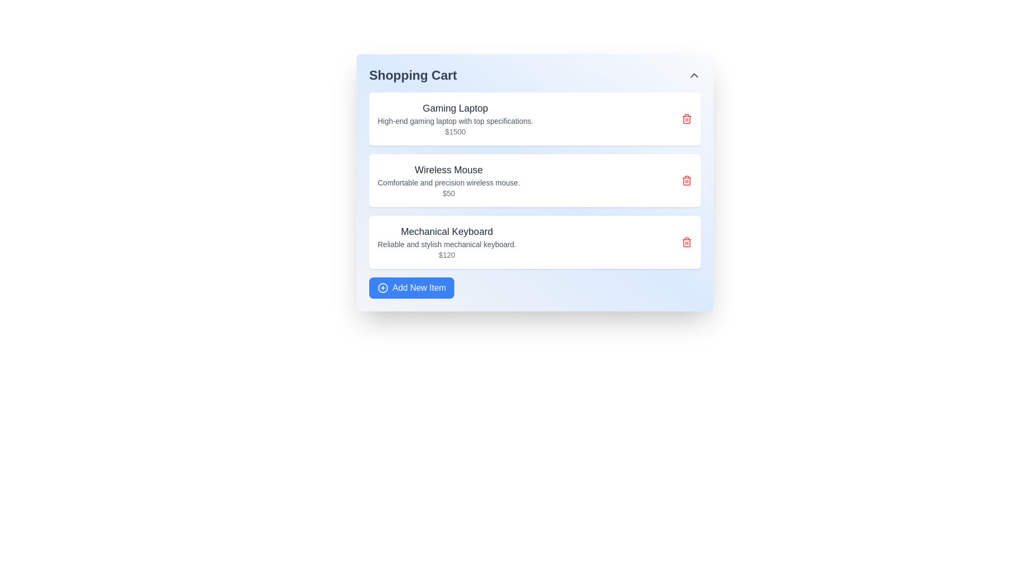 Image resolution: width=1020 pixels, height=574 pixels. What do you see at coordinates (455, 119) in the screenshot?
I see `the text block that provides visual details about the first product in the shopping cart, including its name, description, and price` at bounding box center [455, 119].